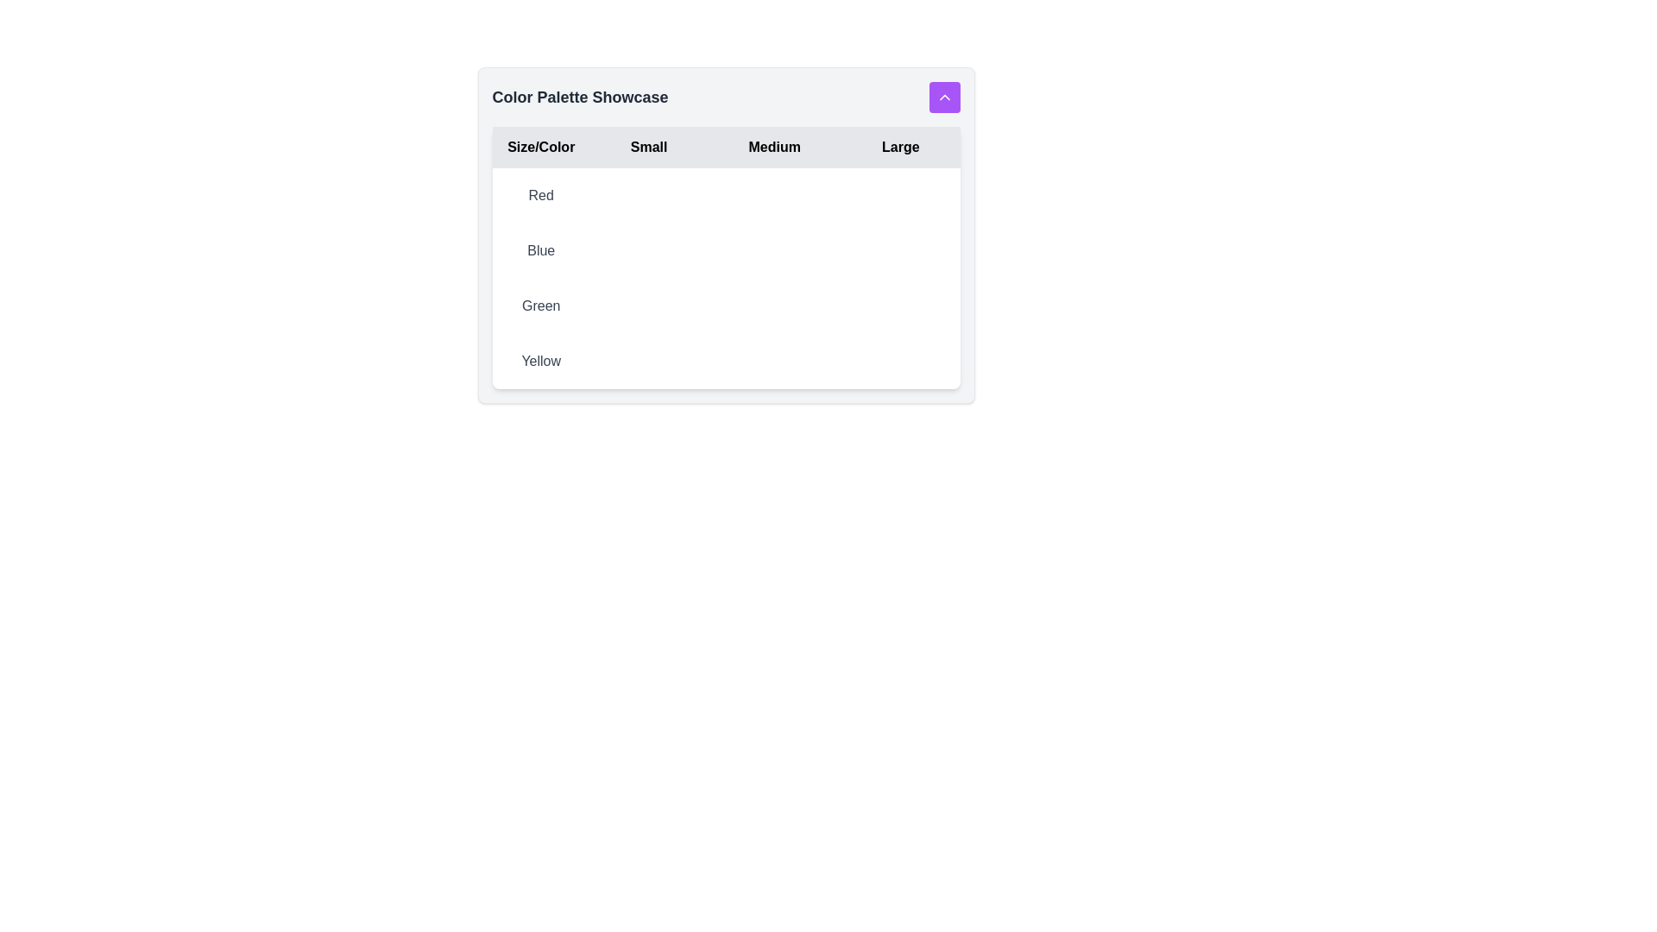 This screenshot has width=1657, height=932. Describe the element at coordinates (648, 195) in the screenshot. I see `the non-interactive button labeled 'Code Small' with a red background and white text, located in the 'Small' column under the 'Red' row of the table` at that location.